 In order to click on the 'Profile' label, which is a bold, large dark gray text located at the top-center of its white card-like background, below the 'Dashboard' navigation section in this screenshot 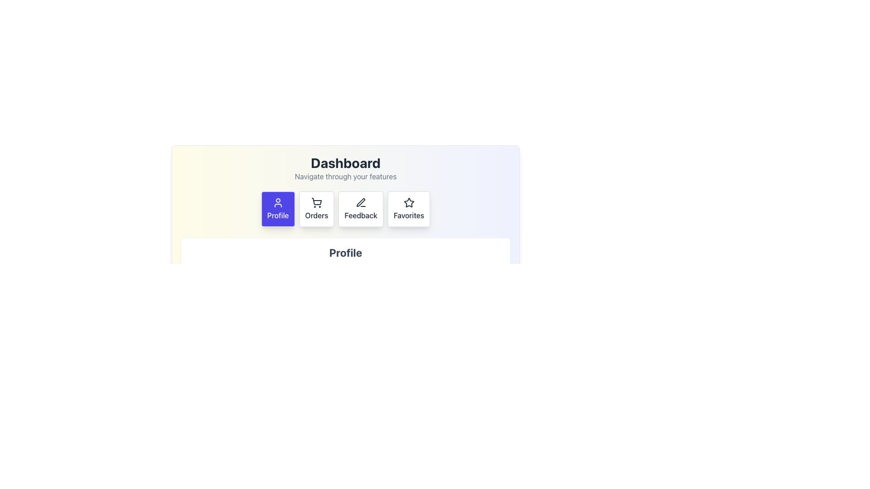, I will do `click(345, 253)`.